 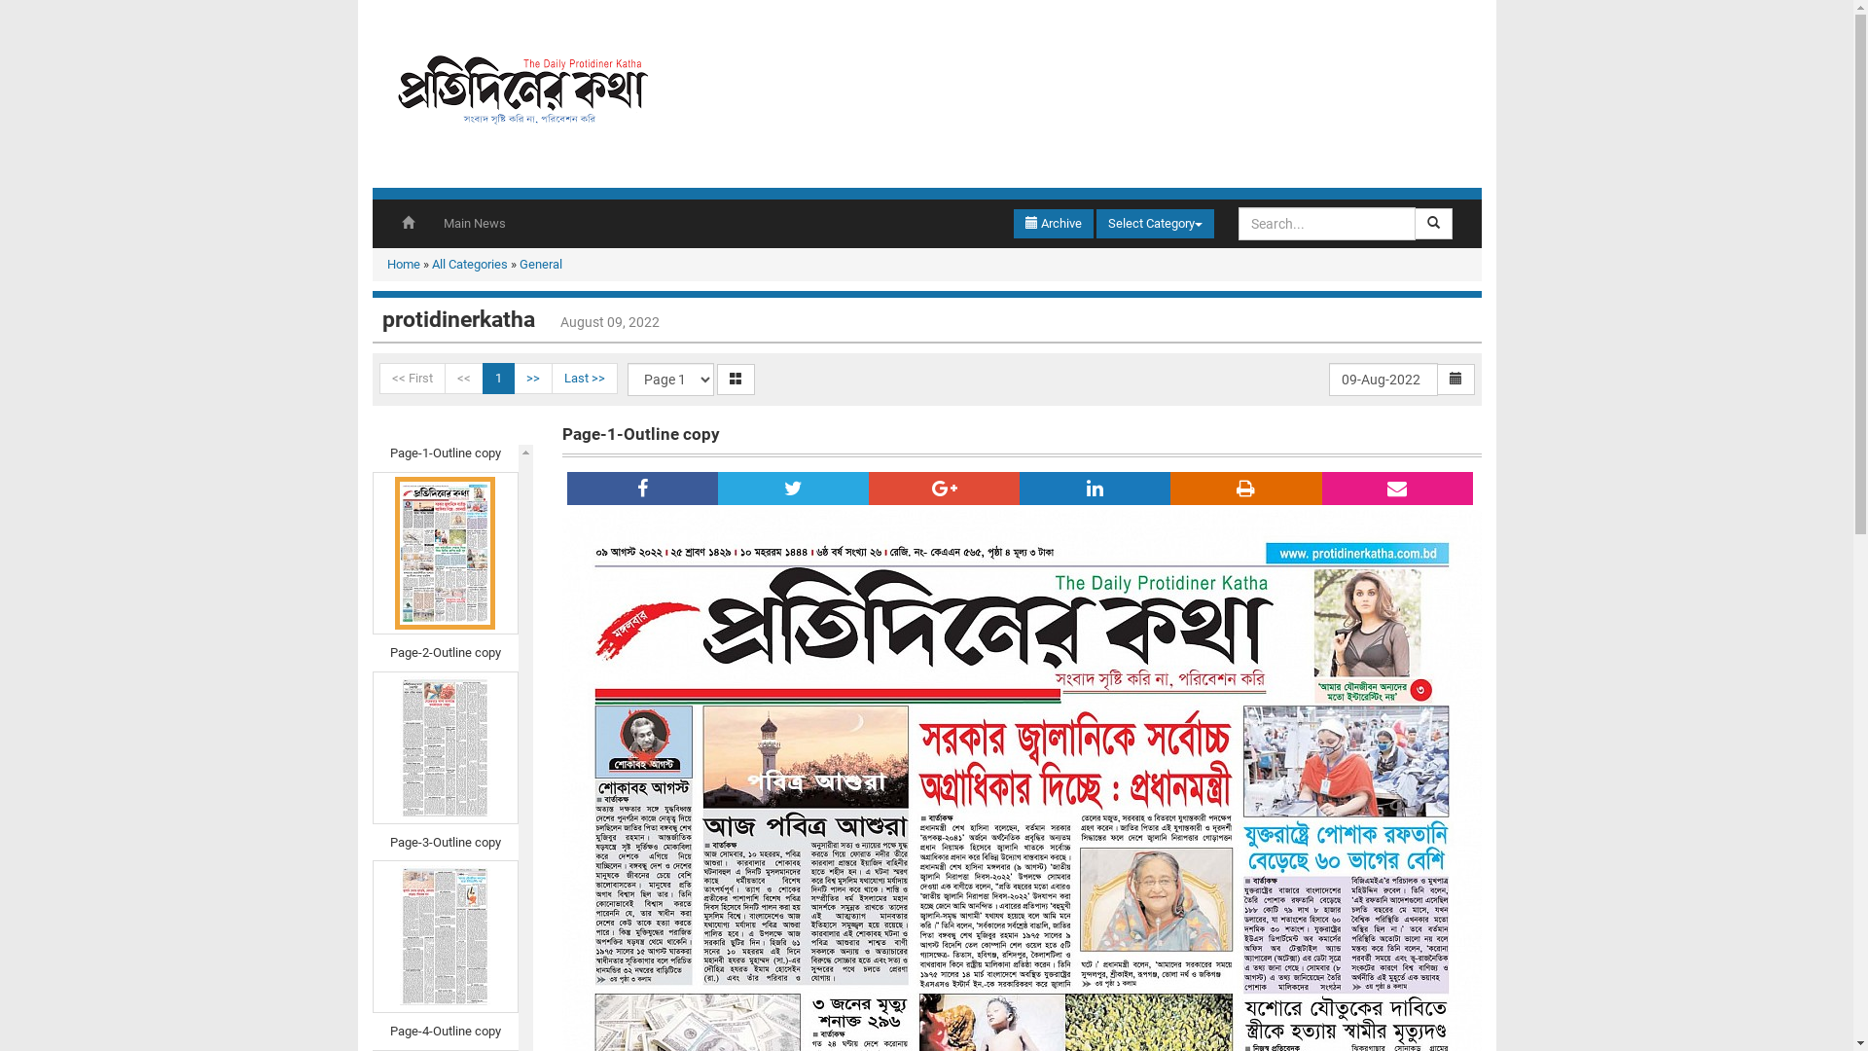 I want to click on 'All Categories', so click(x=470, y=264).